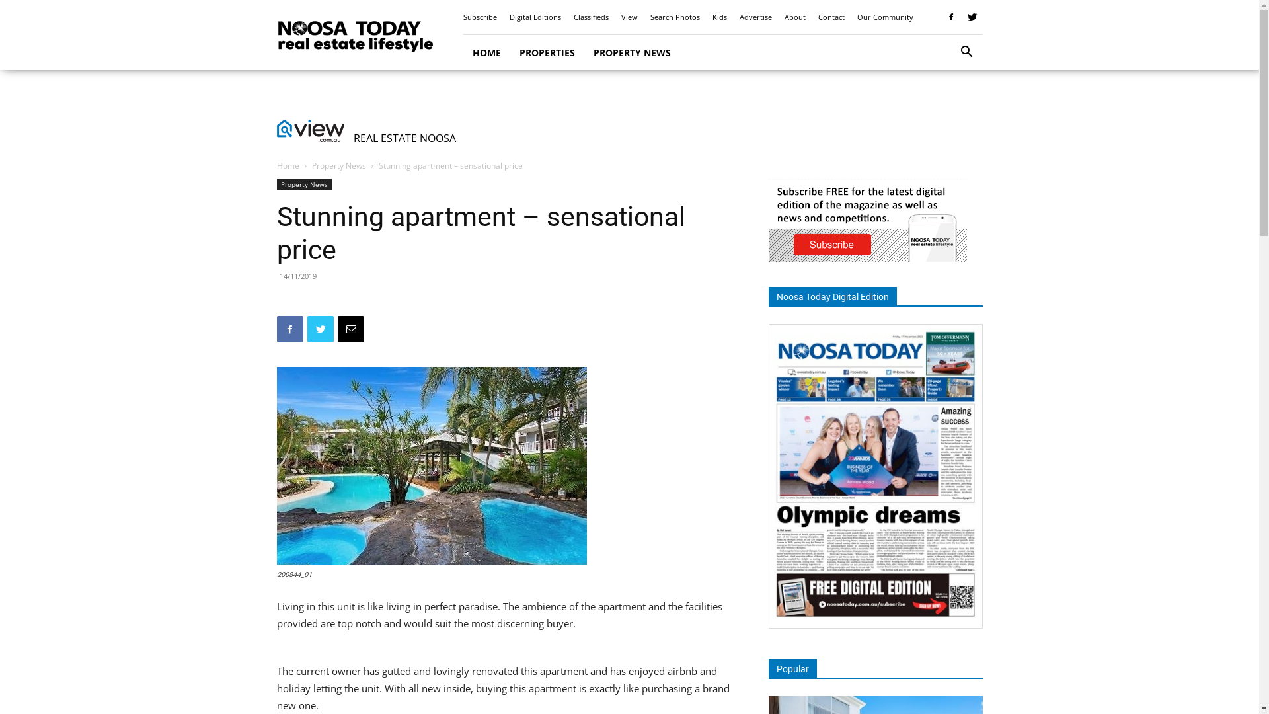 The height and width of the screenshot is (714, 1269). I want to click on 'Email', so click(350, 328).